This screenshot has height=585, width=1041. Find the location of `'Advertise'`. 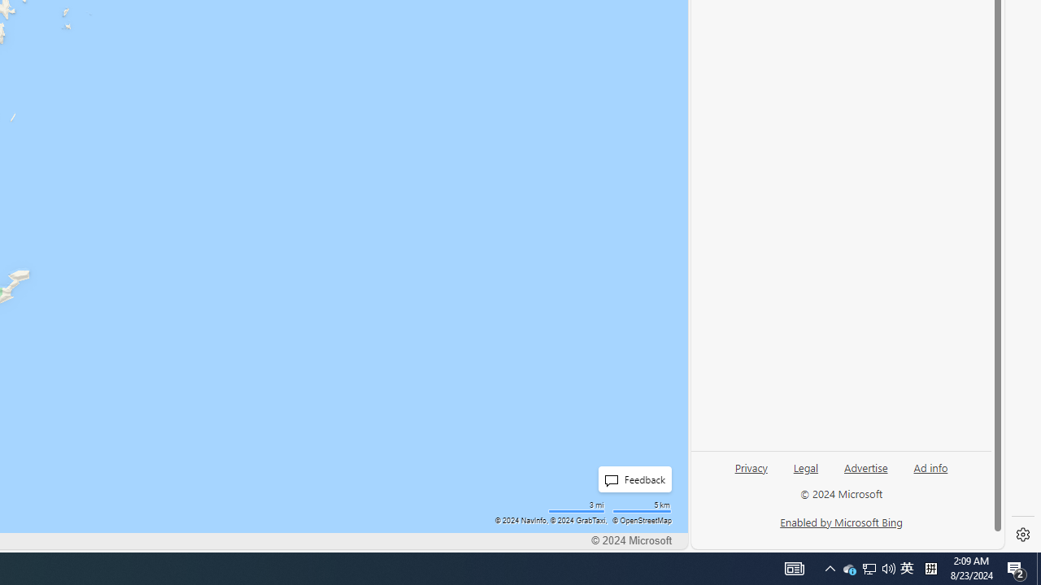

'Advertise' is located at coordinates (865, 474).